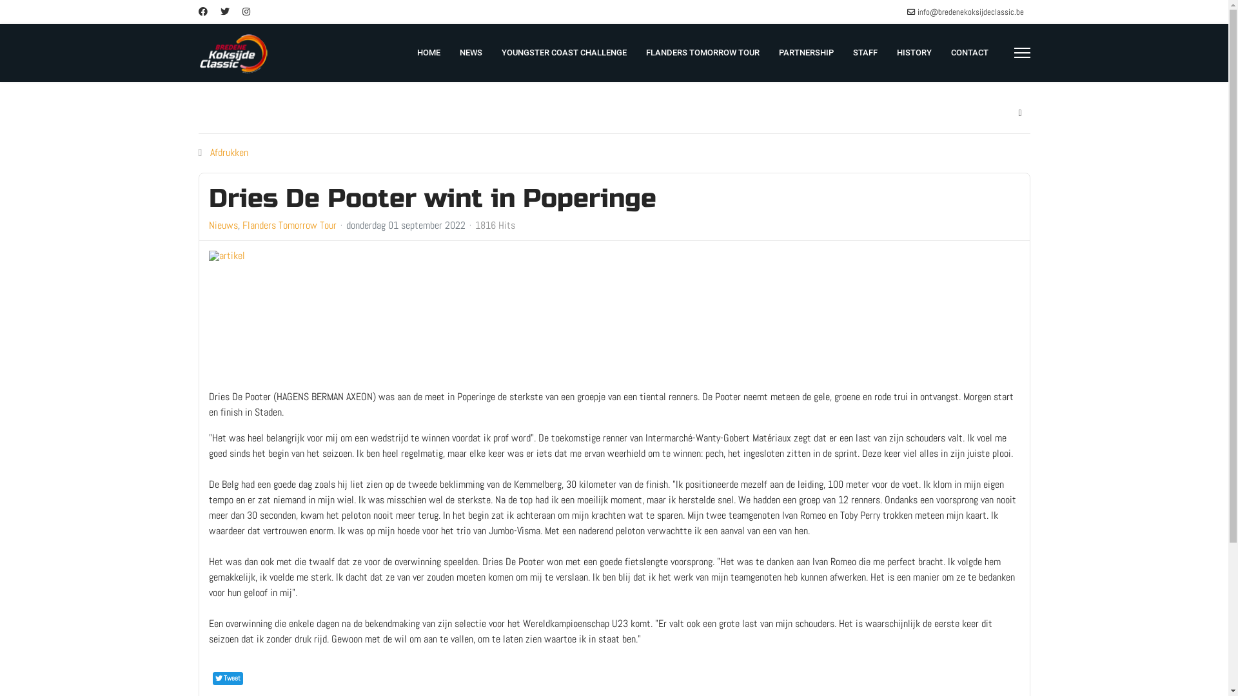 The image size is (1238, 696). Describe the element at coordinates (865, 52) in the screenshot. I see `'STAFF'` at that location.